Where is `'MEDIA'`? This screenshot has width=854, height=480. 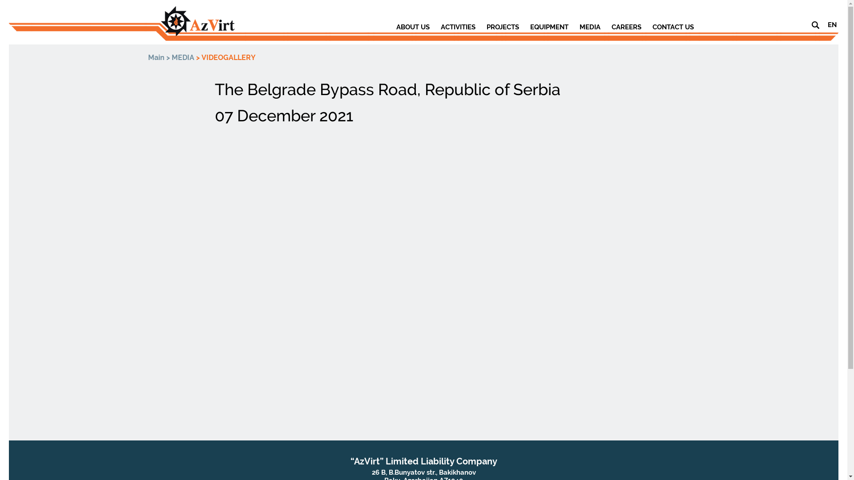
'MEDIA' is located at coordinates (589, 27).